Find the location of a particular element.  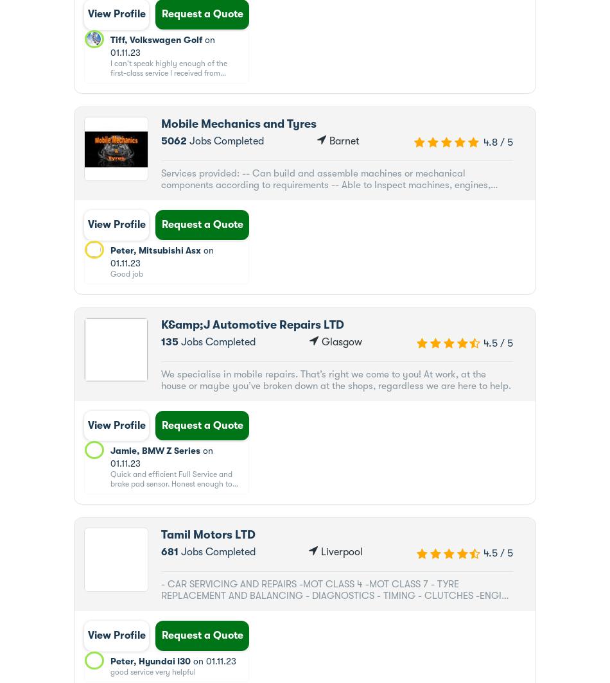

'Jamie, BMW Z Series' is located at coordinates (154, 451).